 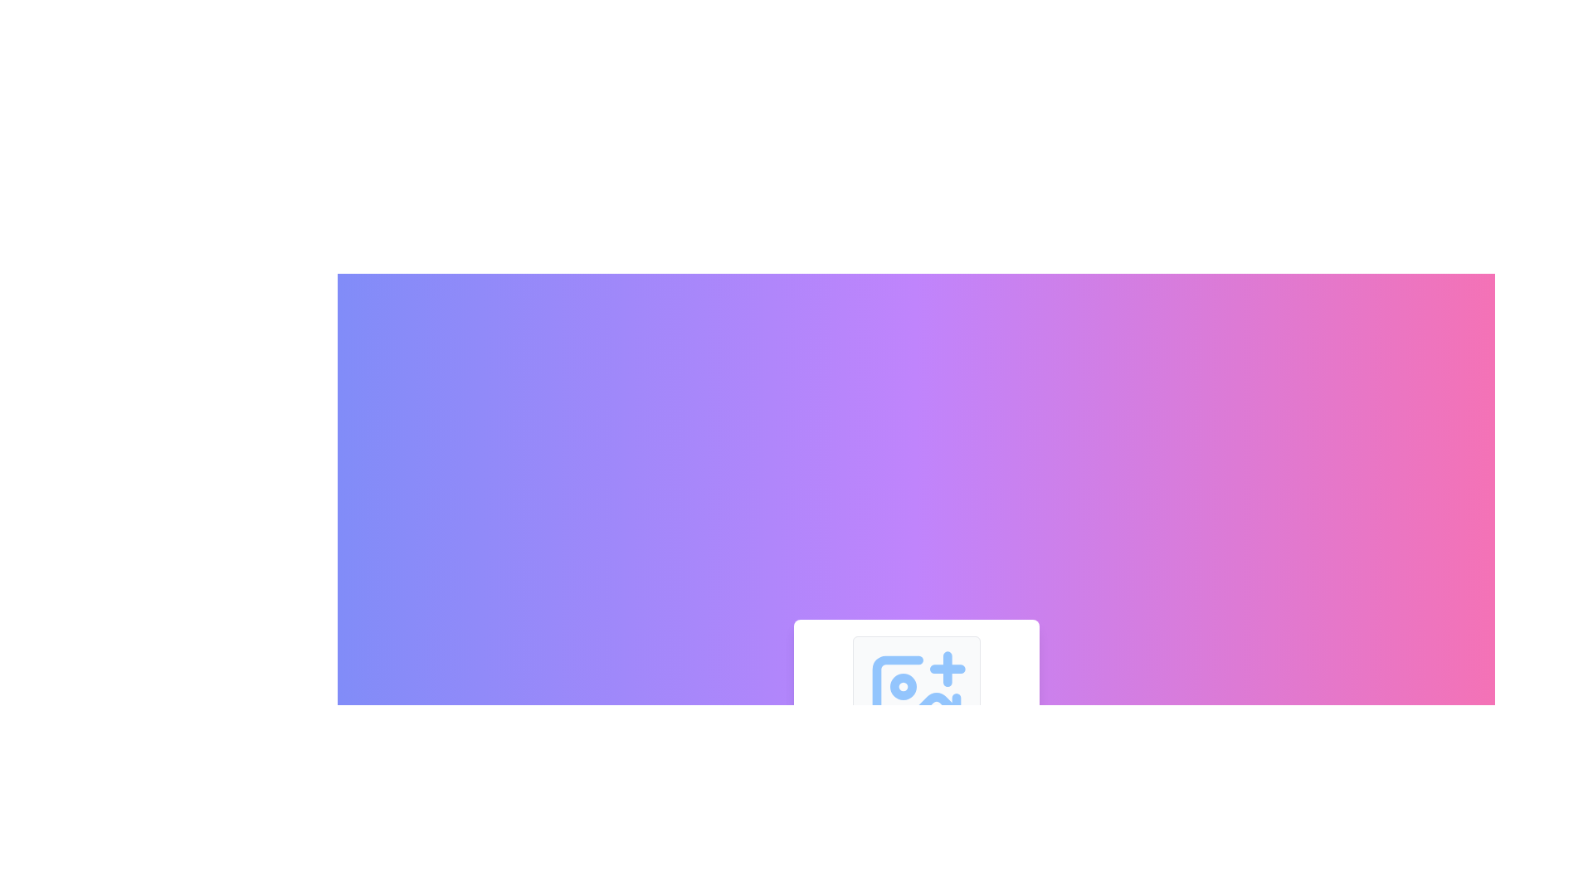 What do you see at coordinates (915, 700) in the screenshot?
I see `the minimalist light blue icon with a plus symbol in the top-right corner, which is centrally positioned within a bordered, rounded rectangle` at bounding box center [915, 700].